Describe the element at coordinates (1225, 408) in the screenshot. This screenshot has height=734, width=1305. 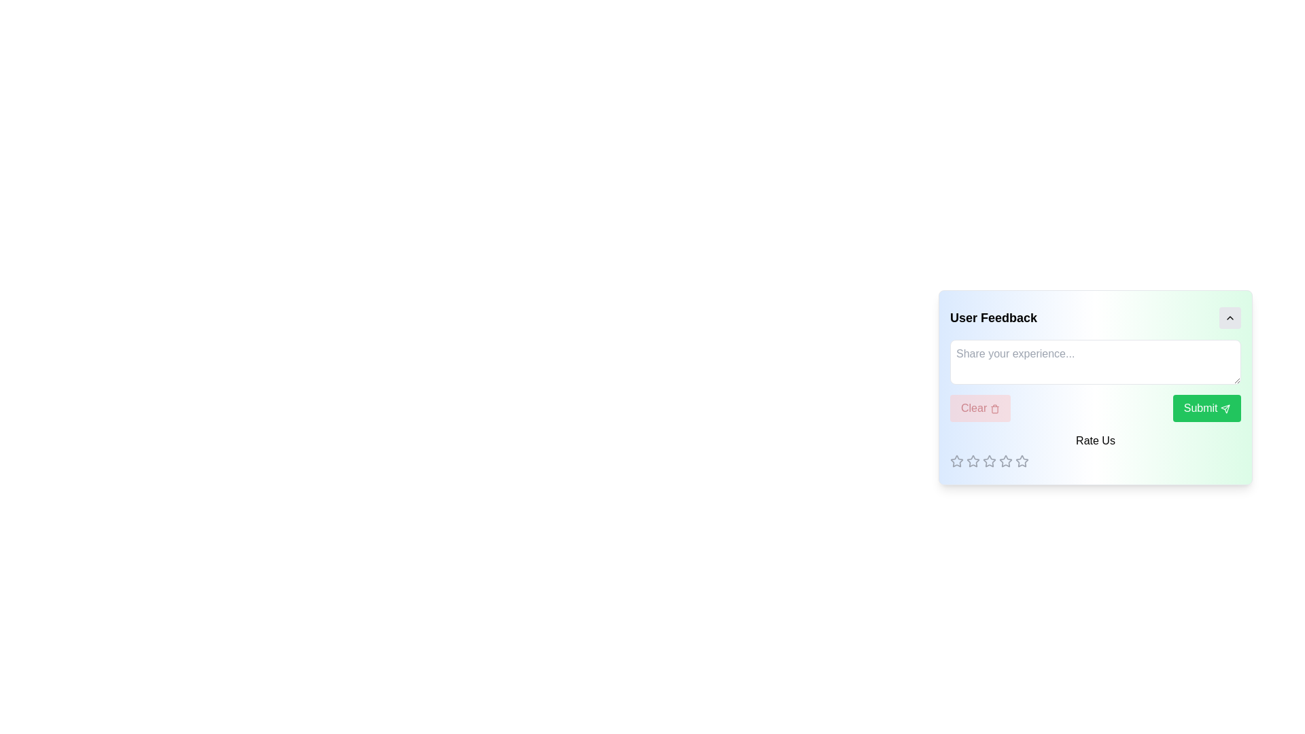
I see `the icon that symbolizes the action of sending or submitting, which is located on the right side of the green 'Submit' button and is centrally positioned within it` at that location.